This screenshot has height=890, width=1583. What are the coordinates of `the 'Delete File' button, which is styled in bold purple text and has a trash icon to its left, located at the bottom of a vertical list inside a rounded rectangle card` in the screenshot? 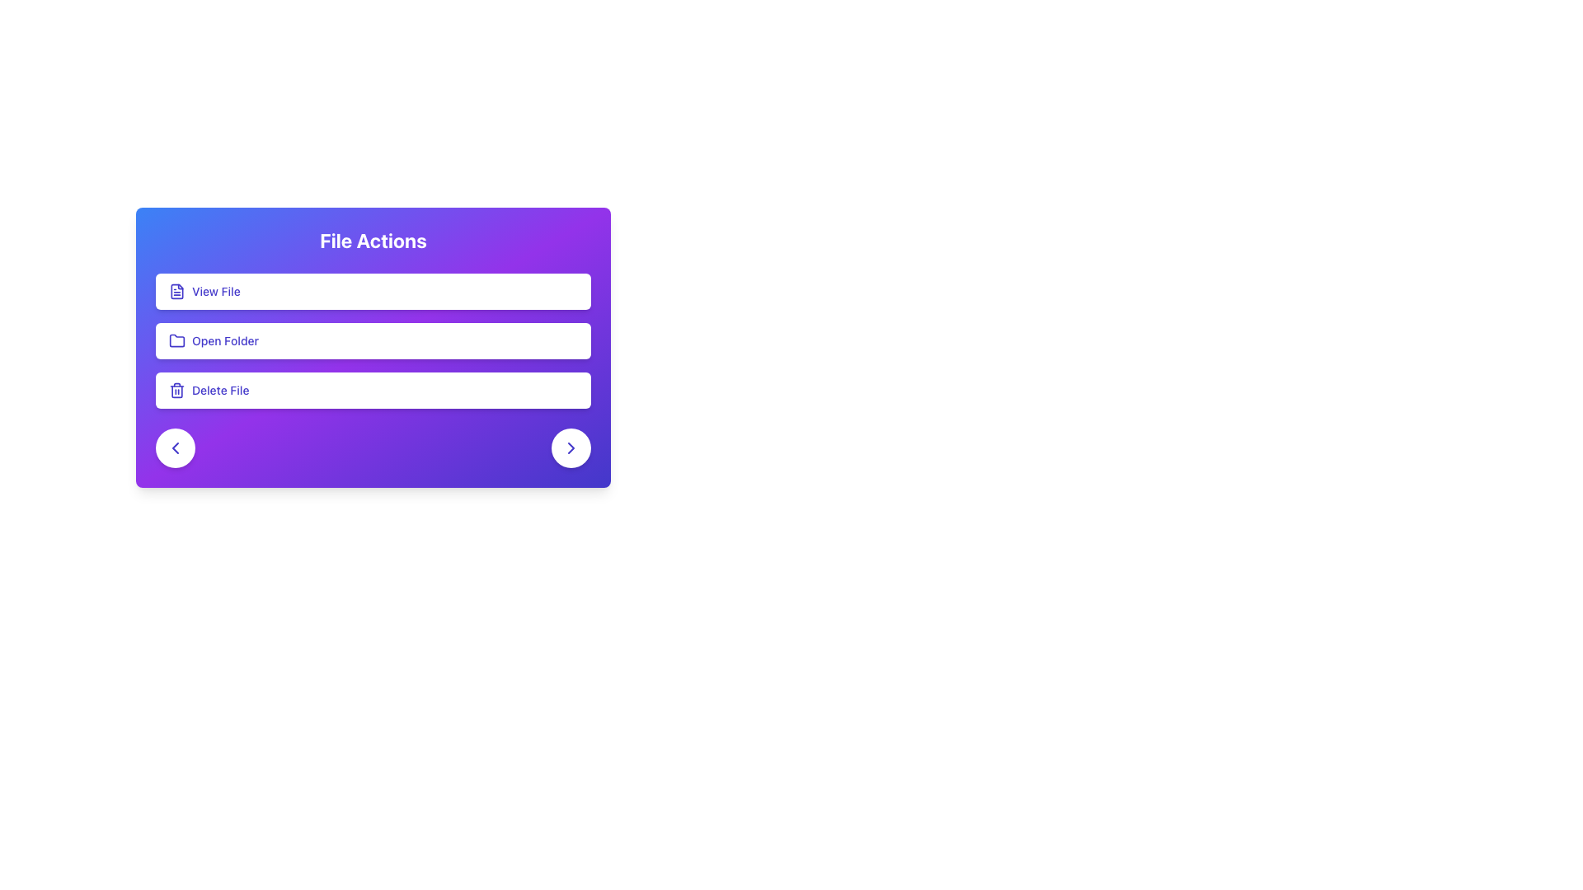 It's located at (208, 391).